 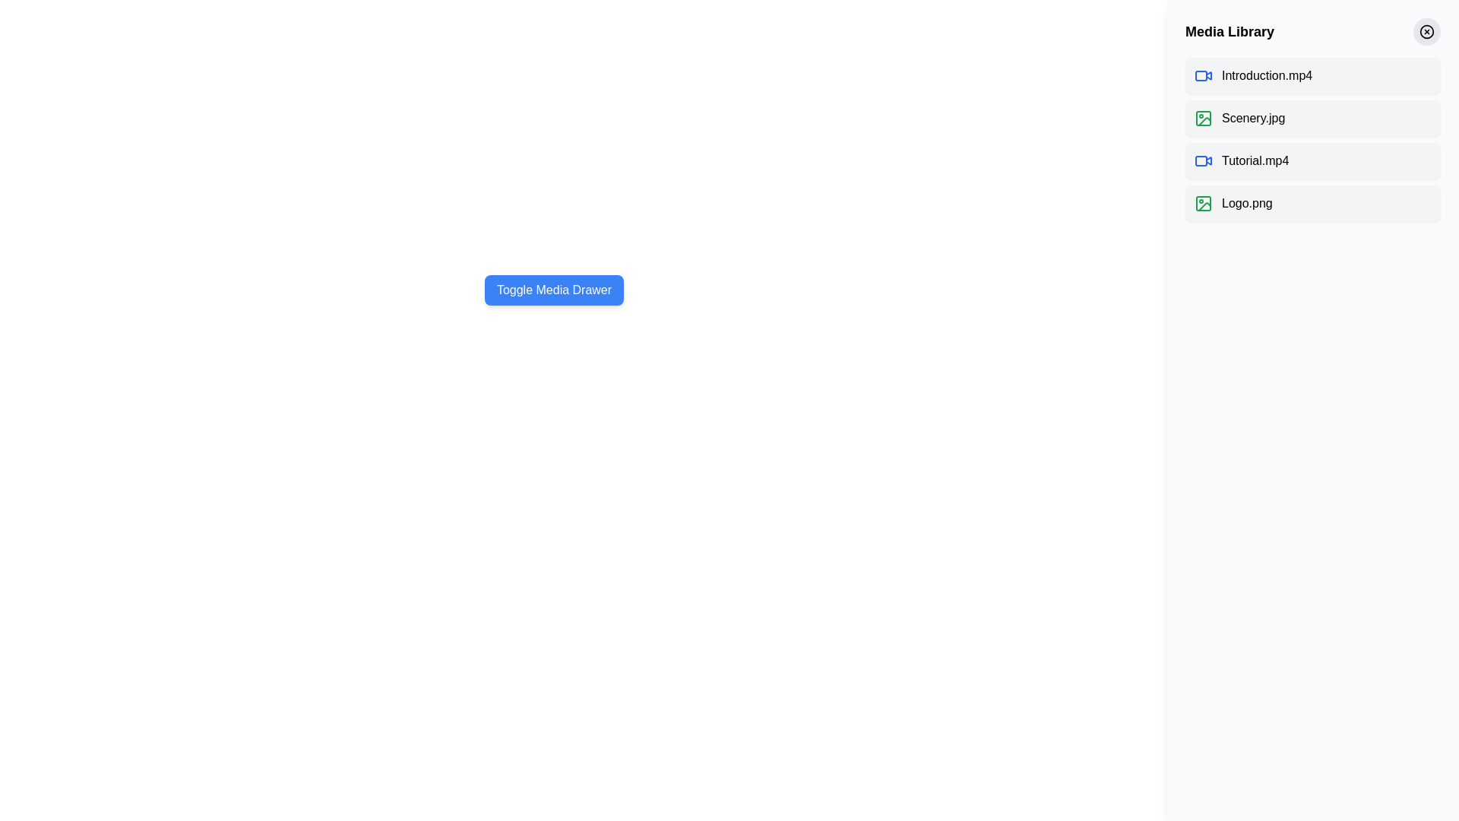 I want to click on the landscape image icon depicting a mountain and sun, which is located to the left of the text 'Scenery.jpg' in the Media Library section, so click(x=1203, y=117).